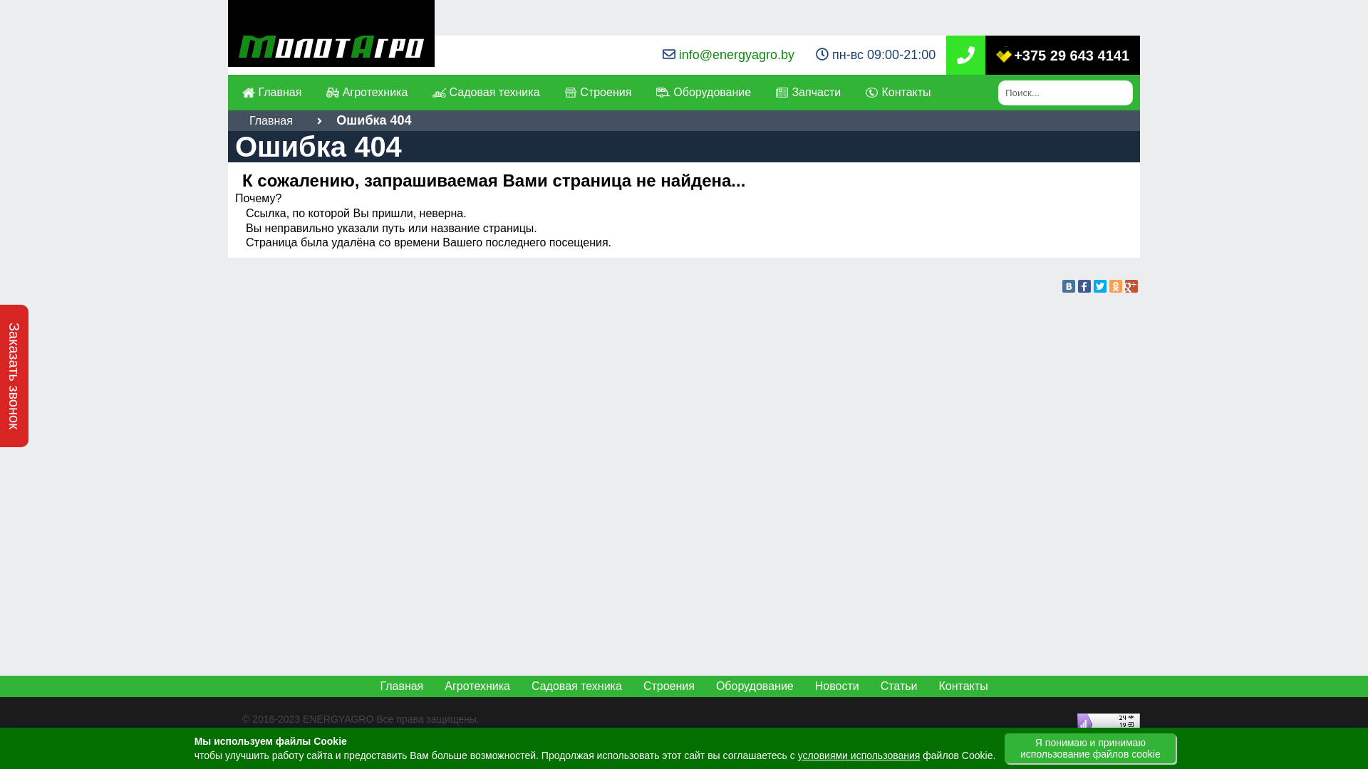  Describe the element at coordinates (356, 735) in the screenshot. I see `'PurpleLabs'` at that location.